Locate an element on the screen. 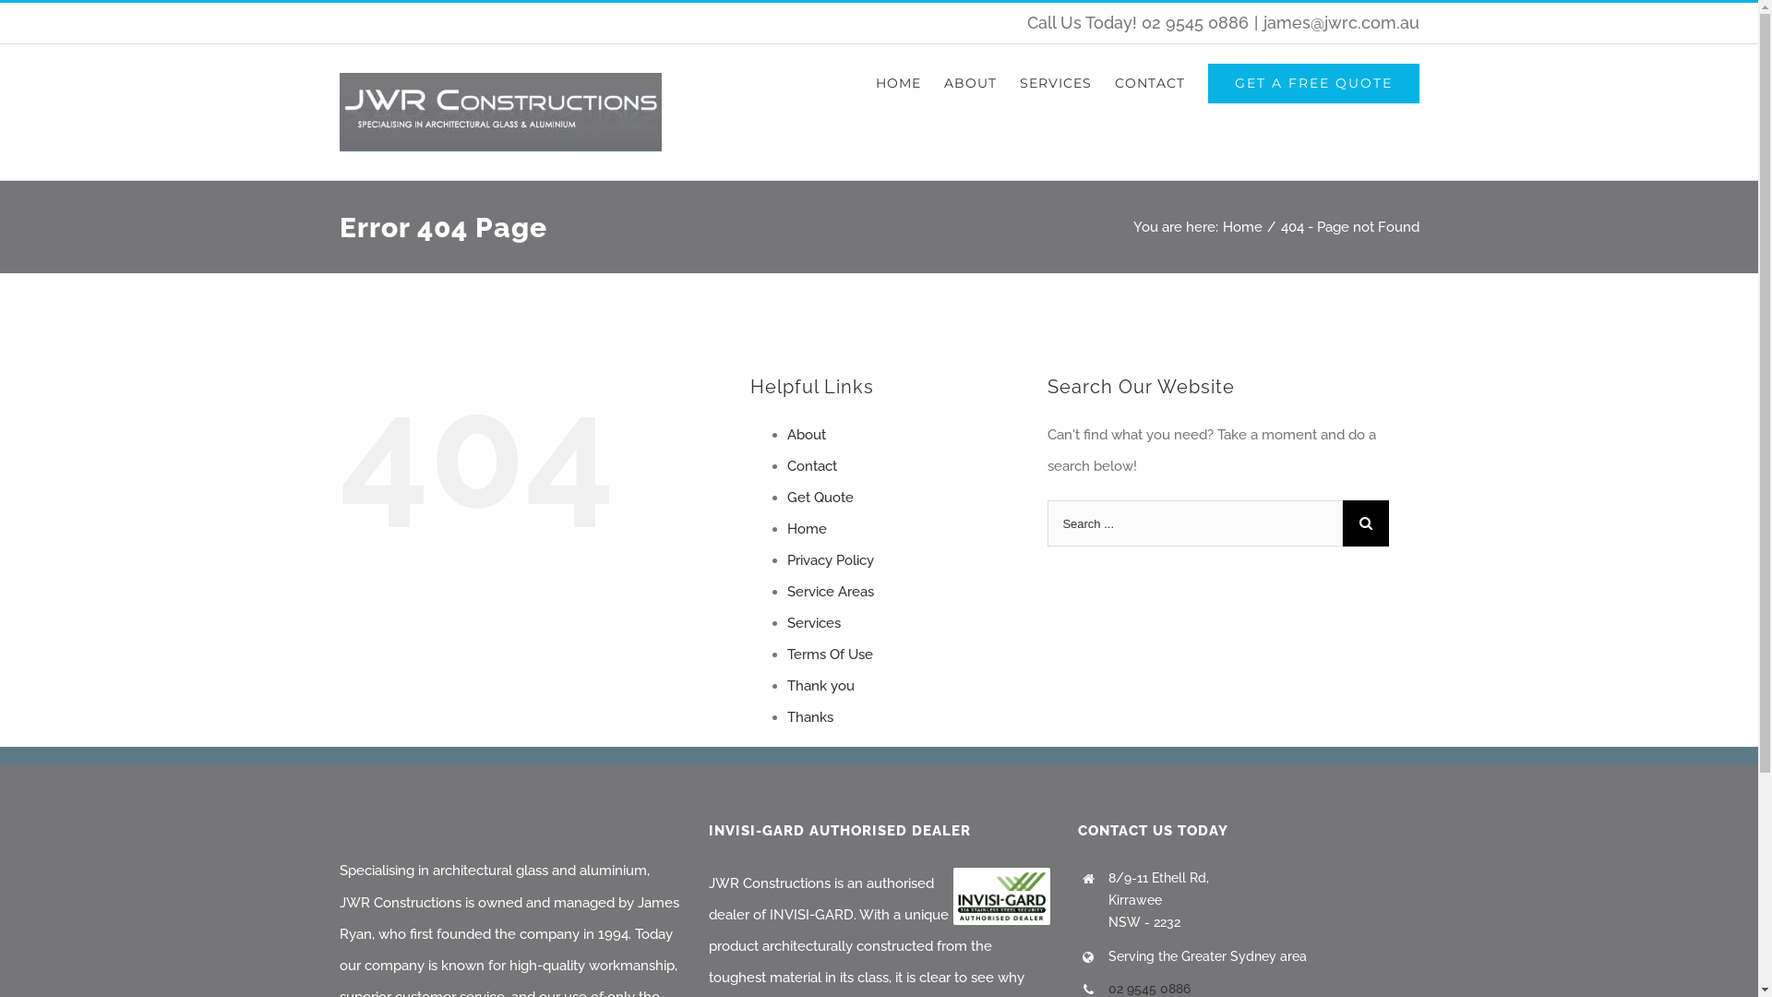  '02 9545 0886' is located at coordinates (1148, 988).